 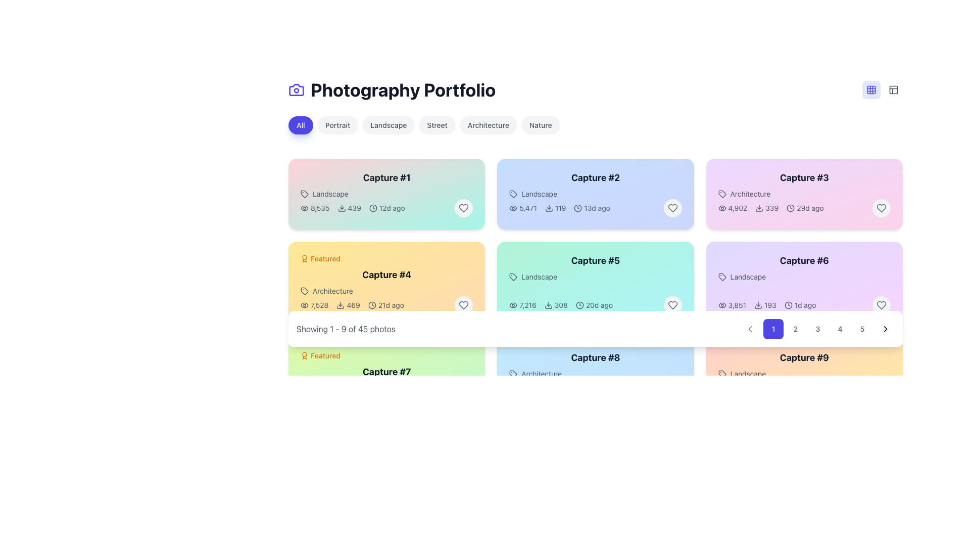 I want to click on the rounded rectangular button labeled 'Nature' with a light gray background, positioned at the rightmost end of a horizontal series of buttons, so click(x=540, y=124).